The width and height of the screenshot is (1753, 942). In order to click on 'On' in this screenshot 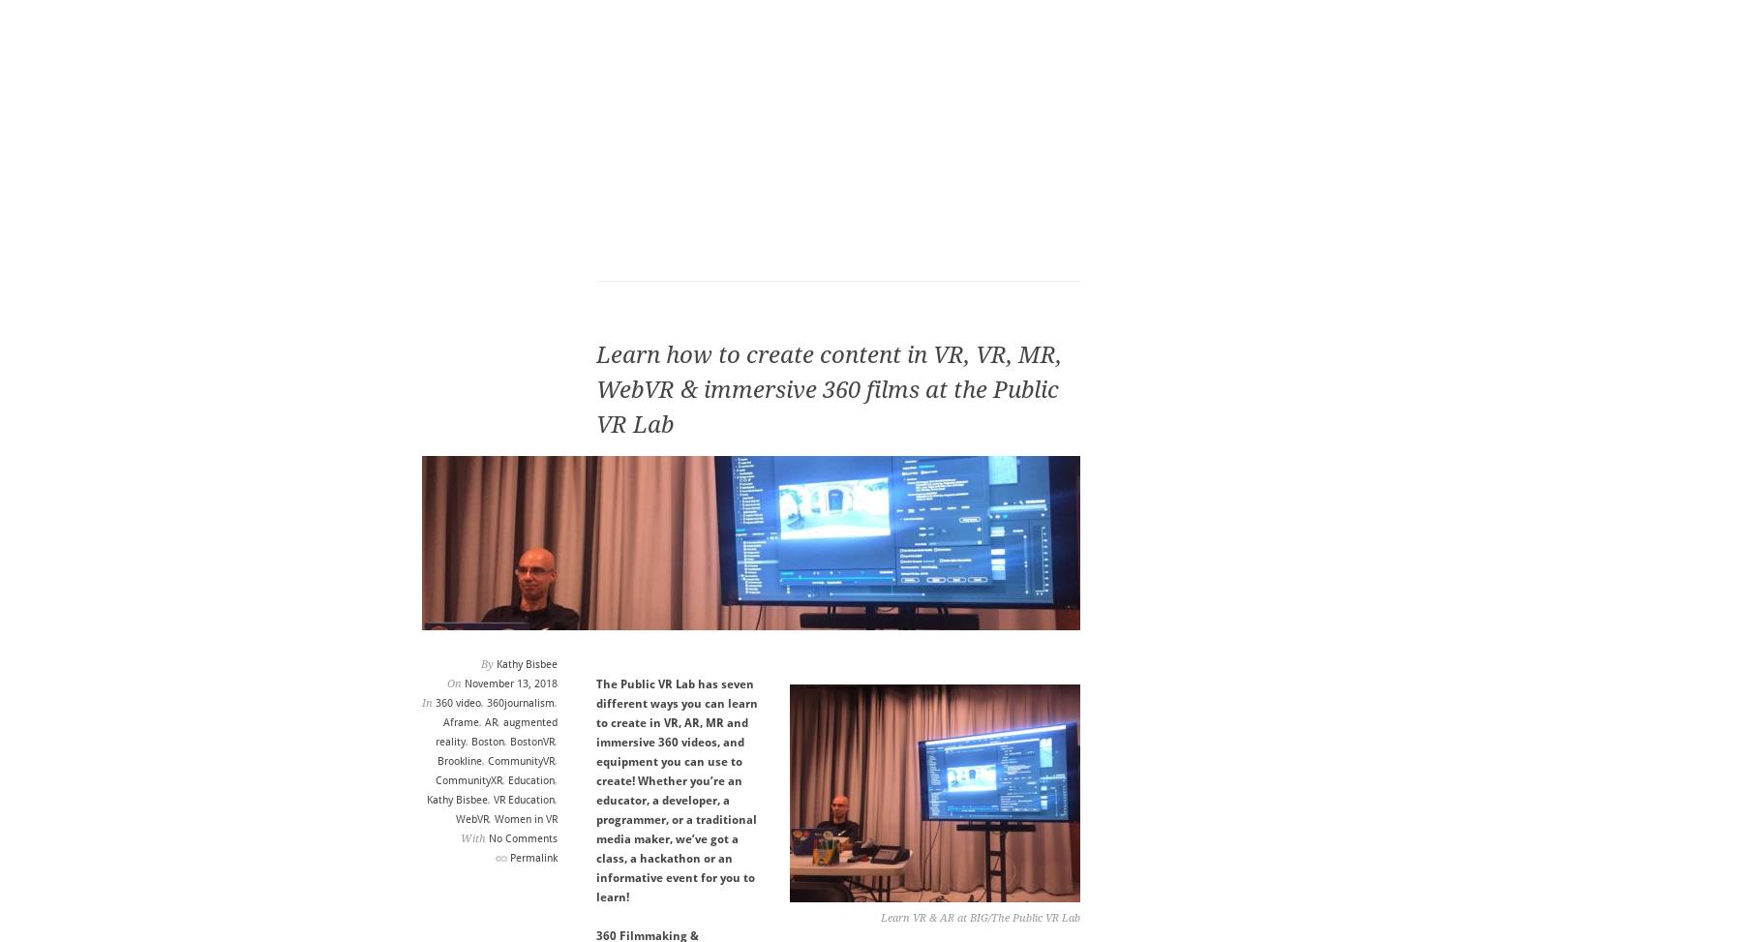, I will do `click(454, 684)`.